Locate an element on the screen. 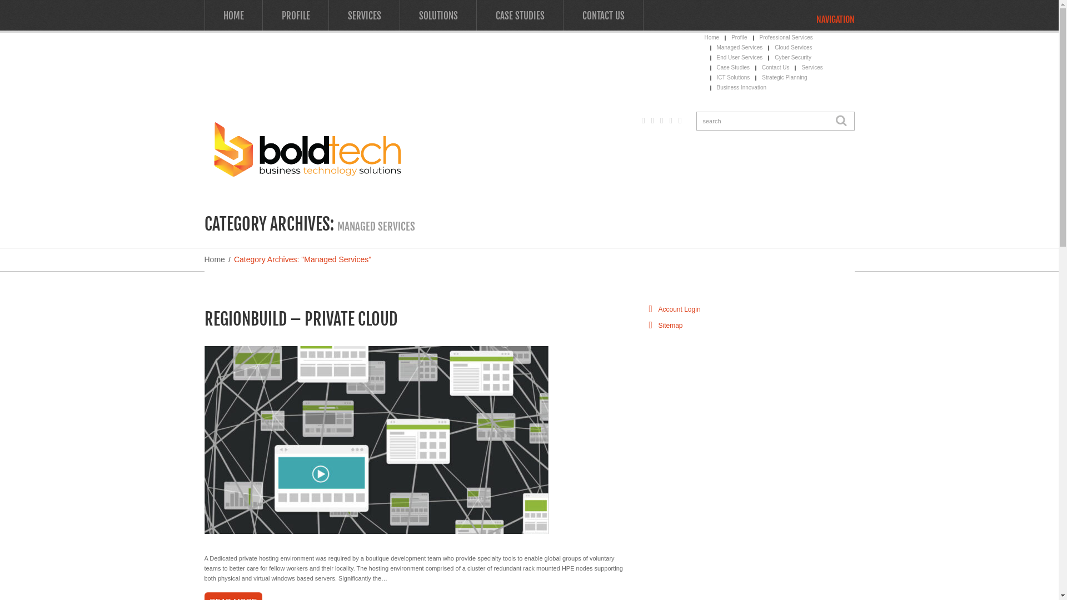 The image size is (1067, 600). 'Professional Services' is located at coordinates (786, 37).